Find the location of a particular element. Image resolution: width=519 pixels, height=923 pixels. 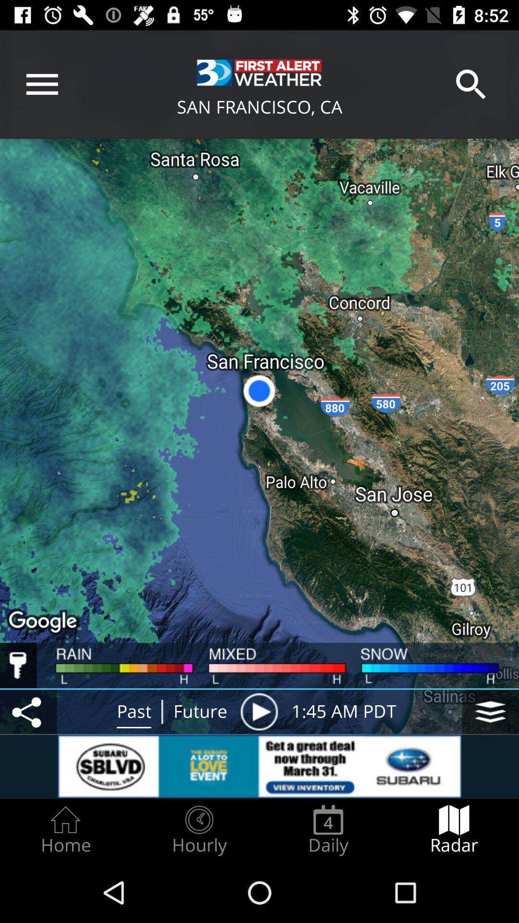

network communication is located at coordinates (28, 711).